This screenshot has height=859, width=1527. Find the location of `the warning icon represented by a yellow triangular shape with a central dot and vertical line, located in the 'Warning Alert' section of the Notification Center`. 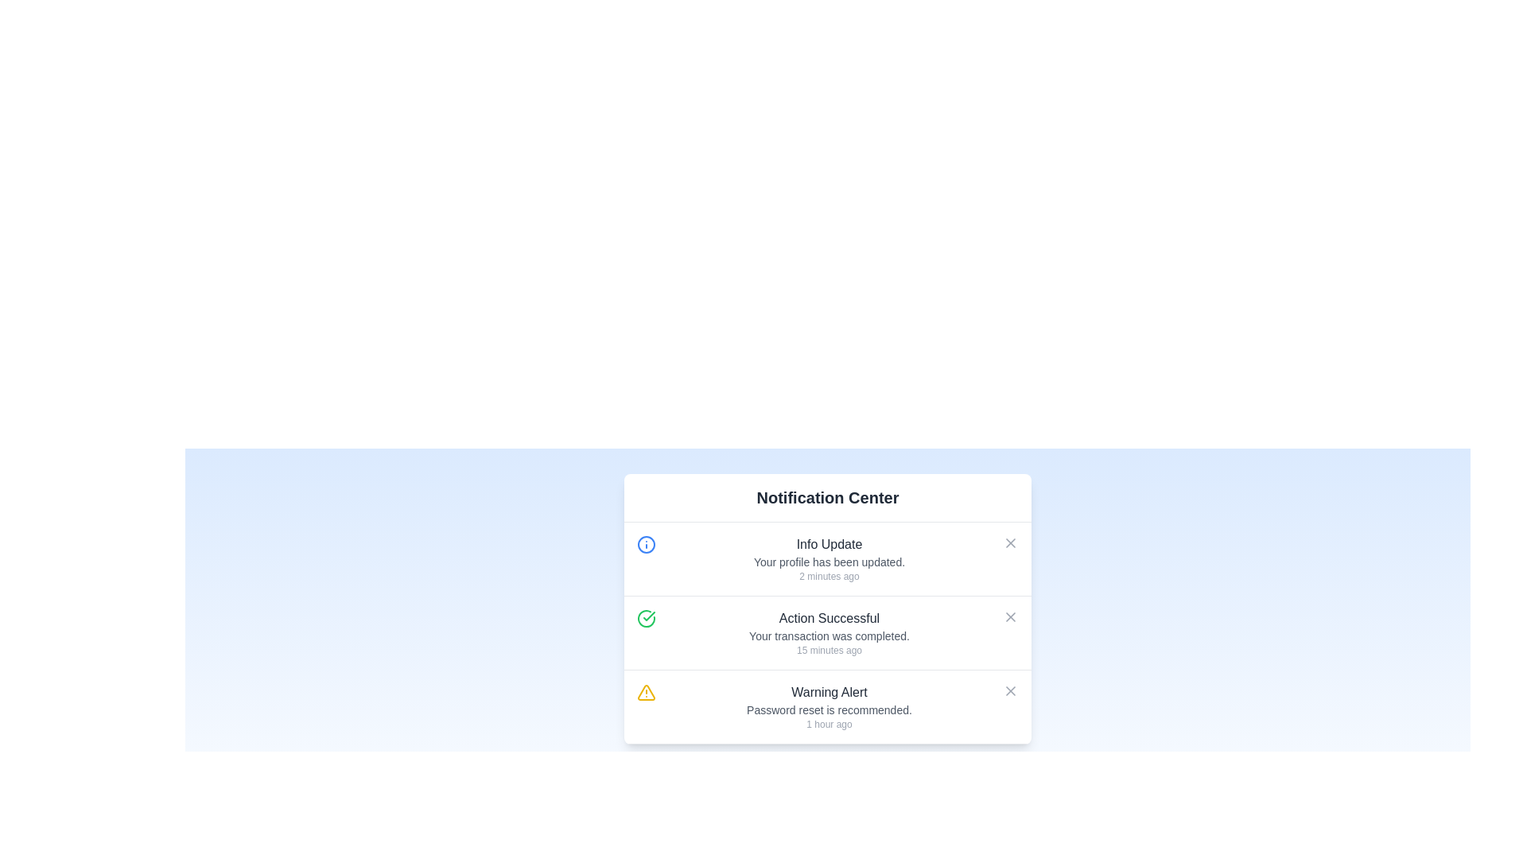

the warning icon represented by a yellow triangular shape with a central dot and vertical line, located in the 'Warning Alert' section of the Notification Center is located at coordinates (646, 692).